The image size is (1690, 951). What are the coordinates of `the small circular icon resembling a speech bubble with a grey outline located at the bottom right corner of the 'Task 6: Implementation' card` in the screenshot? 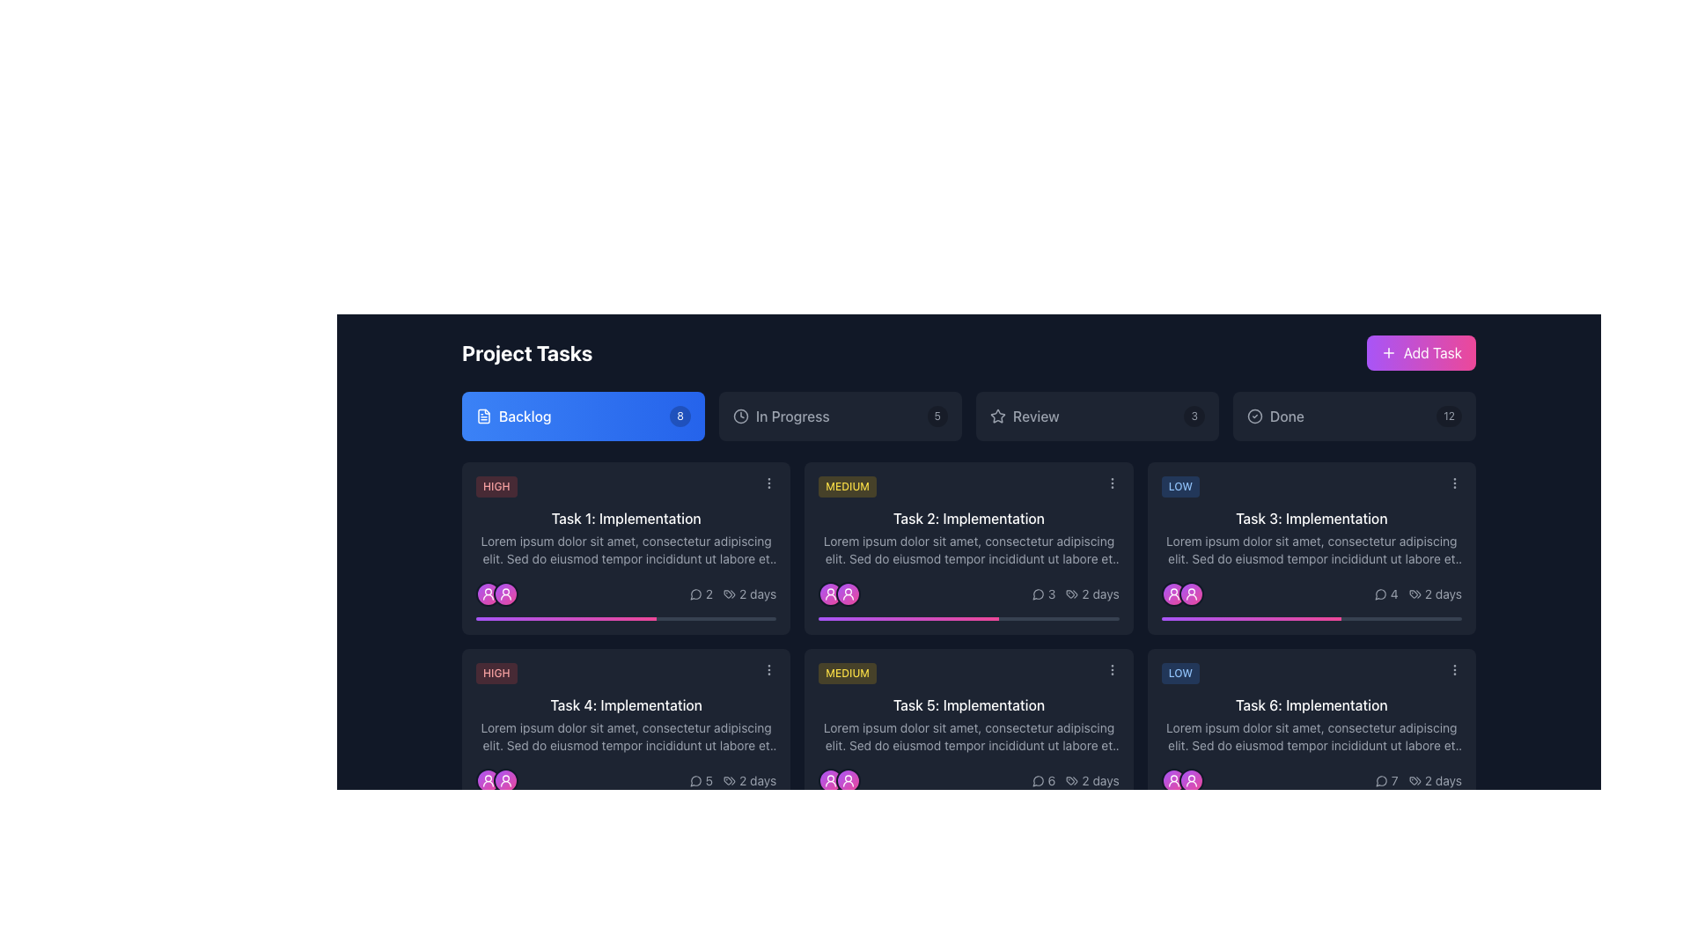 It's located at (1380, 780).